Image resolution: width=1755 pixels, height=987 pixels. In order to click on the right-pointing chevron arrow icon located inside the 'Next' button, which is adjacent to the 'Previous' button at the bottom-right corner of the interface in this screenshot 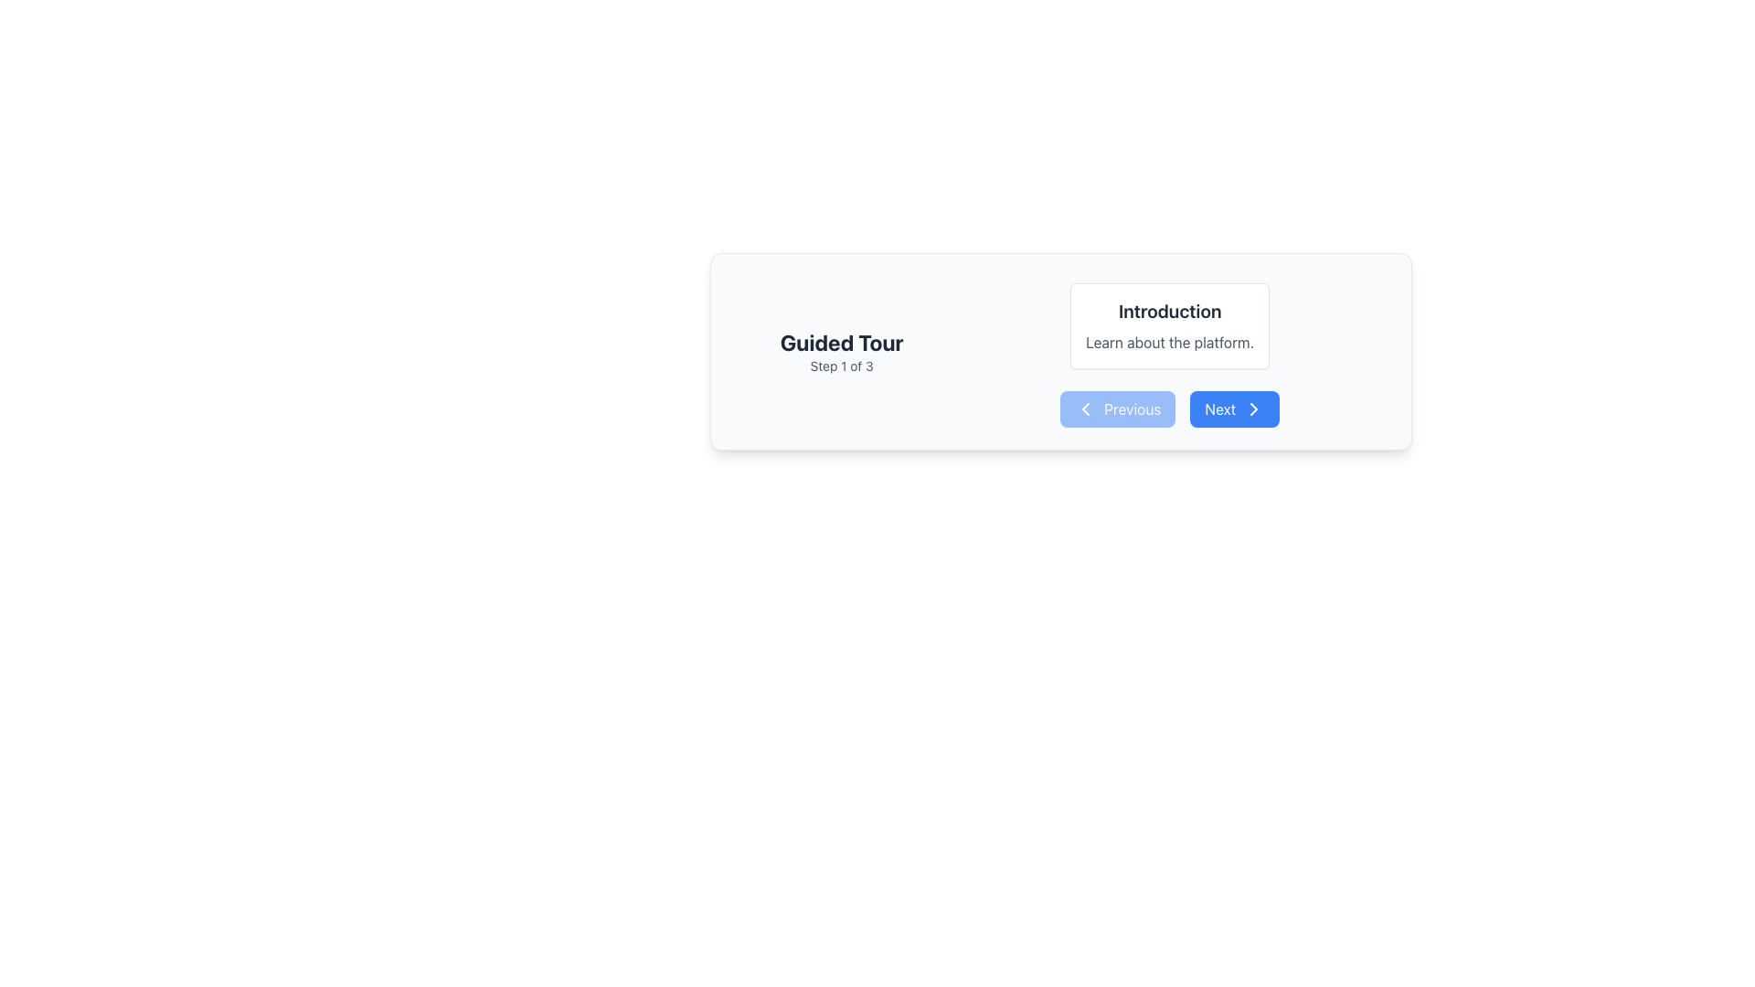, I will do `click(1253, 408)`.